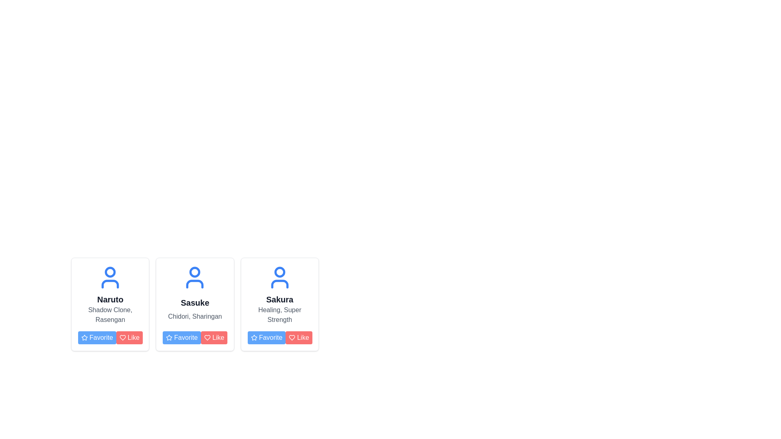 The height and width of the screenshot is (439, 781). What do you see at coordinates (110, 315) in the screenshot?
I see `text label displaying 'Shadow Clone, Rasengan' which is styled in gray font and centrally aligned, located beneath the title 'Naruto' and above the buttons 'Favorite' and 'Like'` at bounding box center [110, 315].